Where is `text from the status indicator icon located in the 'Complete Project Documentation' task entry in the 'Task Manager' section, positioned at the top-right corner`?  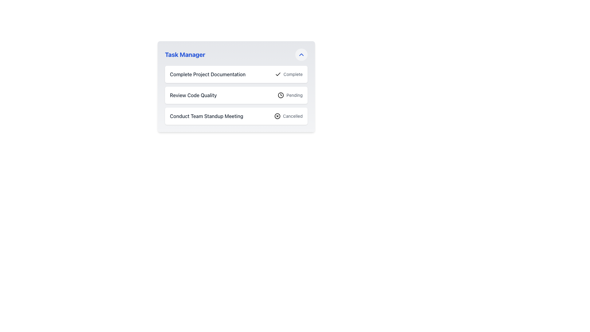
text from the status indicator icon located in the 'Complete Project Documentation' task entry in the 'Task Manager' section, positioned at the top-right corner is located at coordinates (288, 74).